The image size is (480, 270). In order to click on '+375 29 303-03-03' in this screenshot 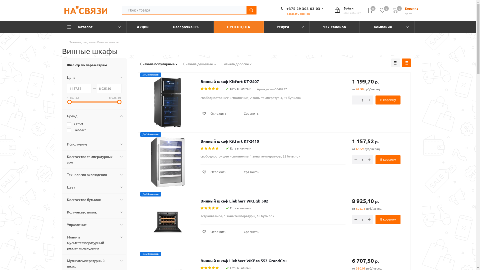, I will do `click(286, 8)`.